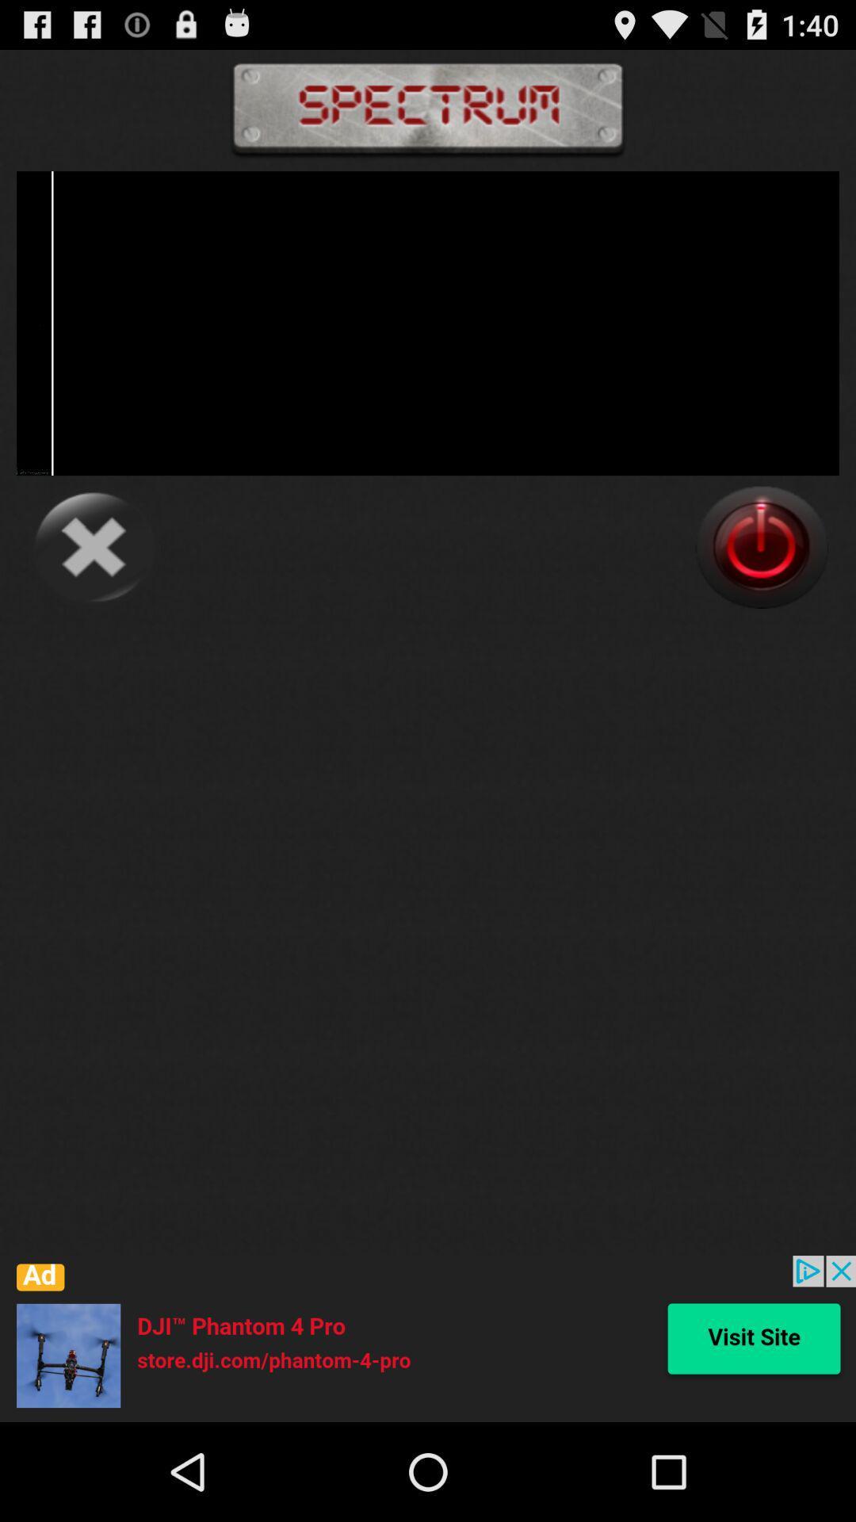  What do you see at coordinates (94, 585) in the screenshot?
I see `the close icon` at bounding box center [94, 585].